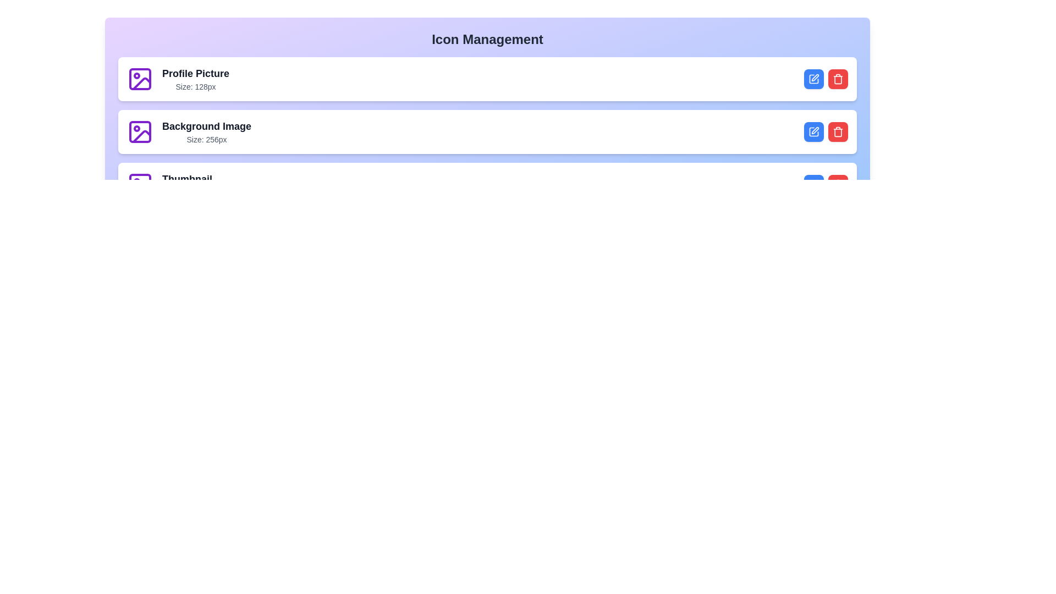 This screenshot has width=1056, height=594. Describe the element at coordinates (195, 78) in the screenshot. I see `the first text block in the vertical list that provides descriptive information about a profile picture, including its name and size` at that location.